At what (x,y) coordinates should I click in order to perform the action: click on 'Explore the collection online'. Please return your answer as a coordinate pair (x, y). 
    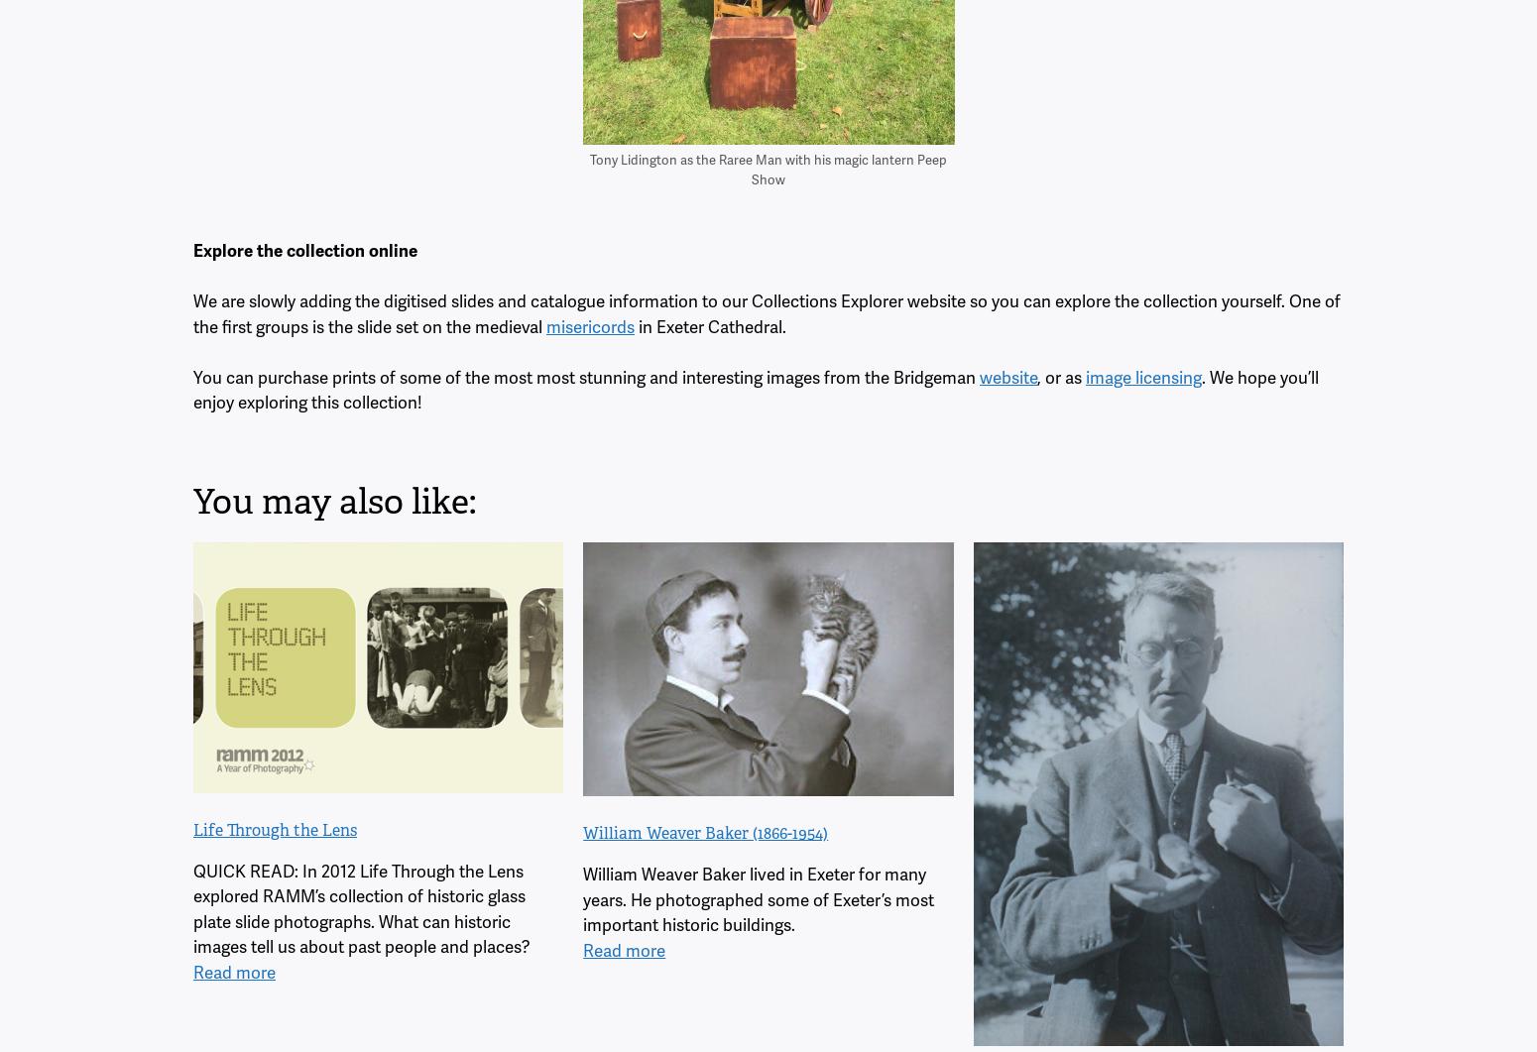
    Looking at the image, I should click on (304, 250).